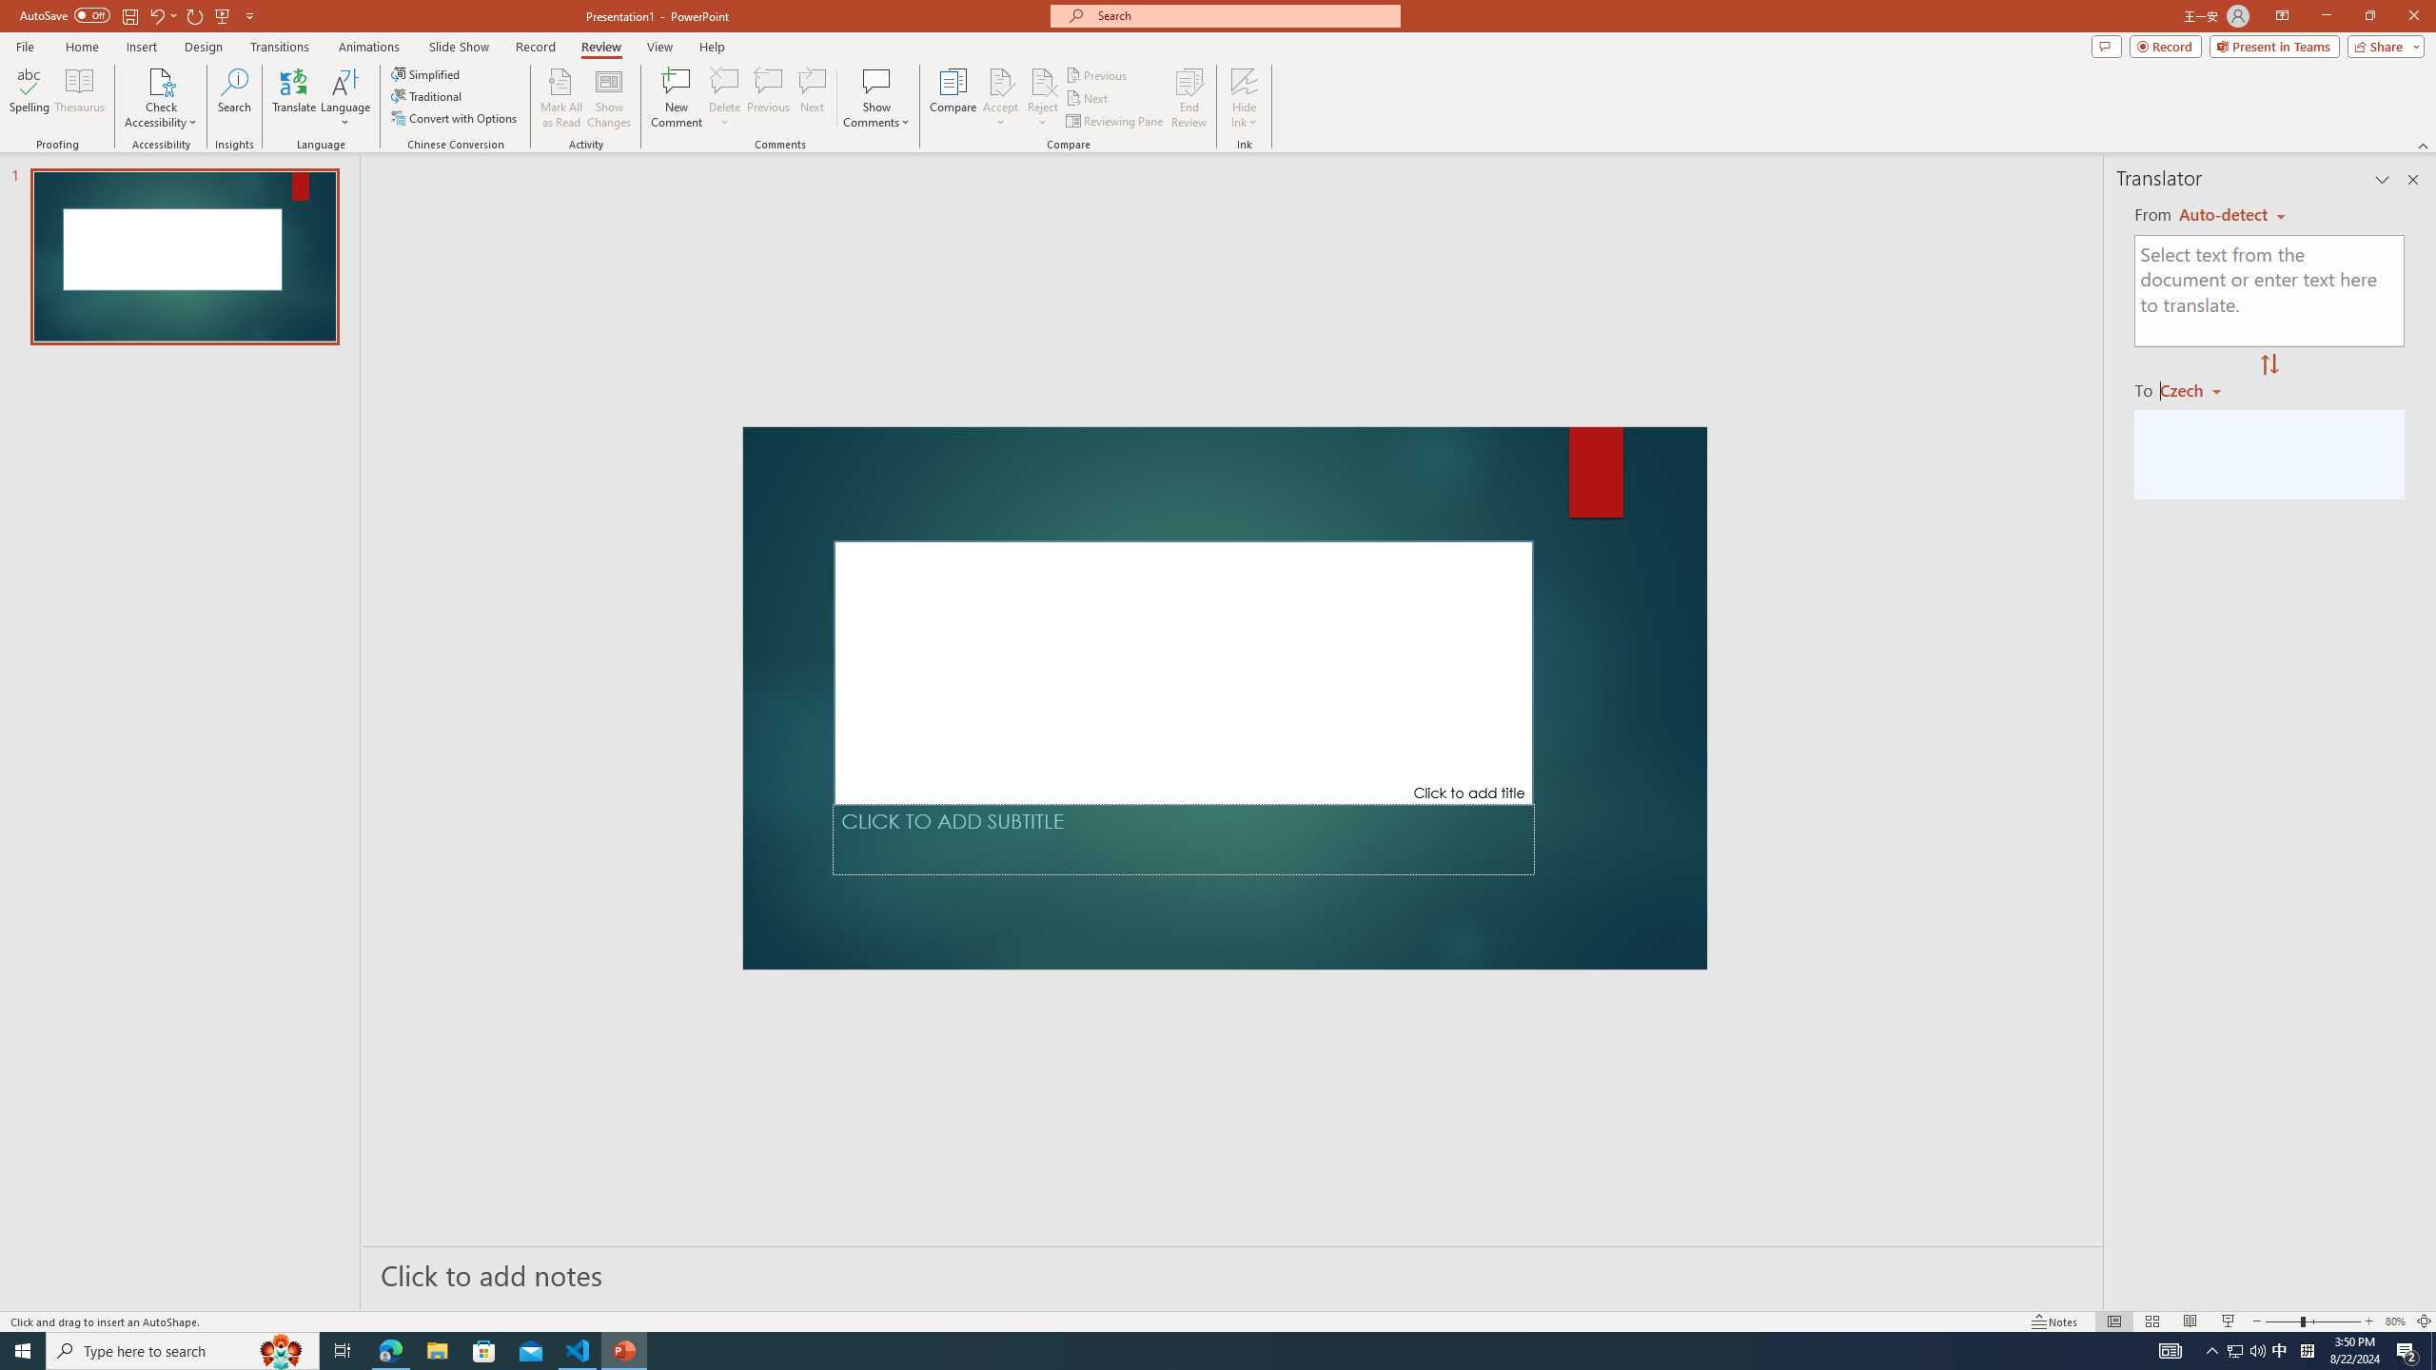 The height and width of the screenshot is (1370, 2436). Describe the element at coordinates (1114, 121) in the screenshot. I see `'Reviewing Pane'` at that location.